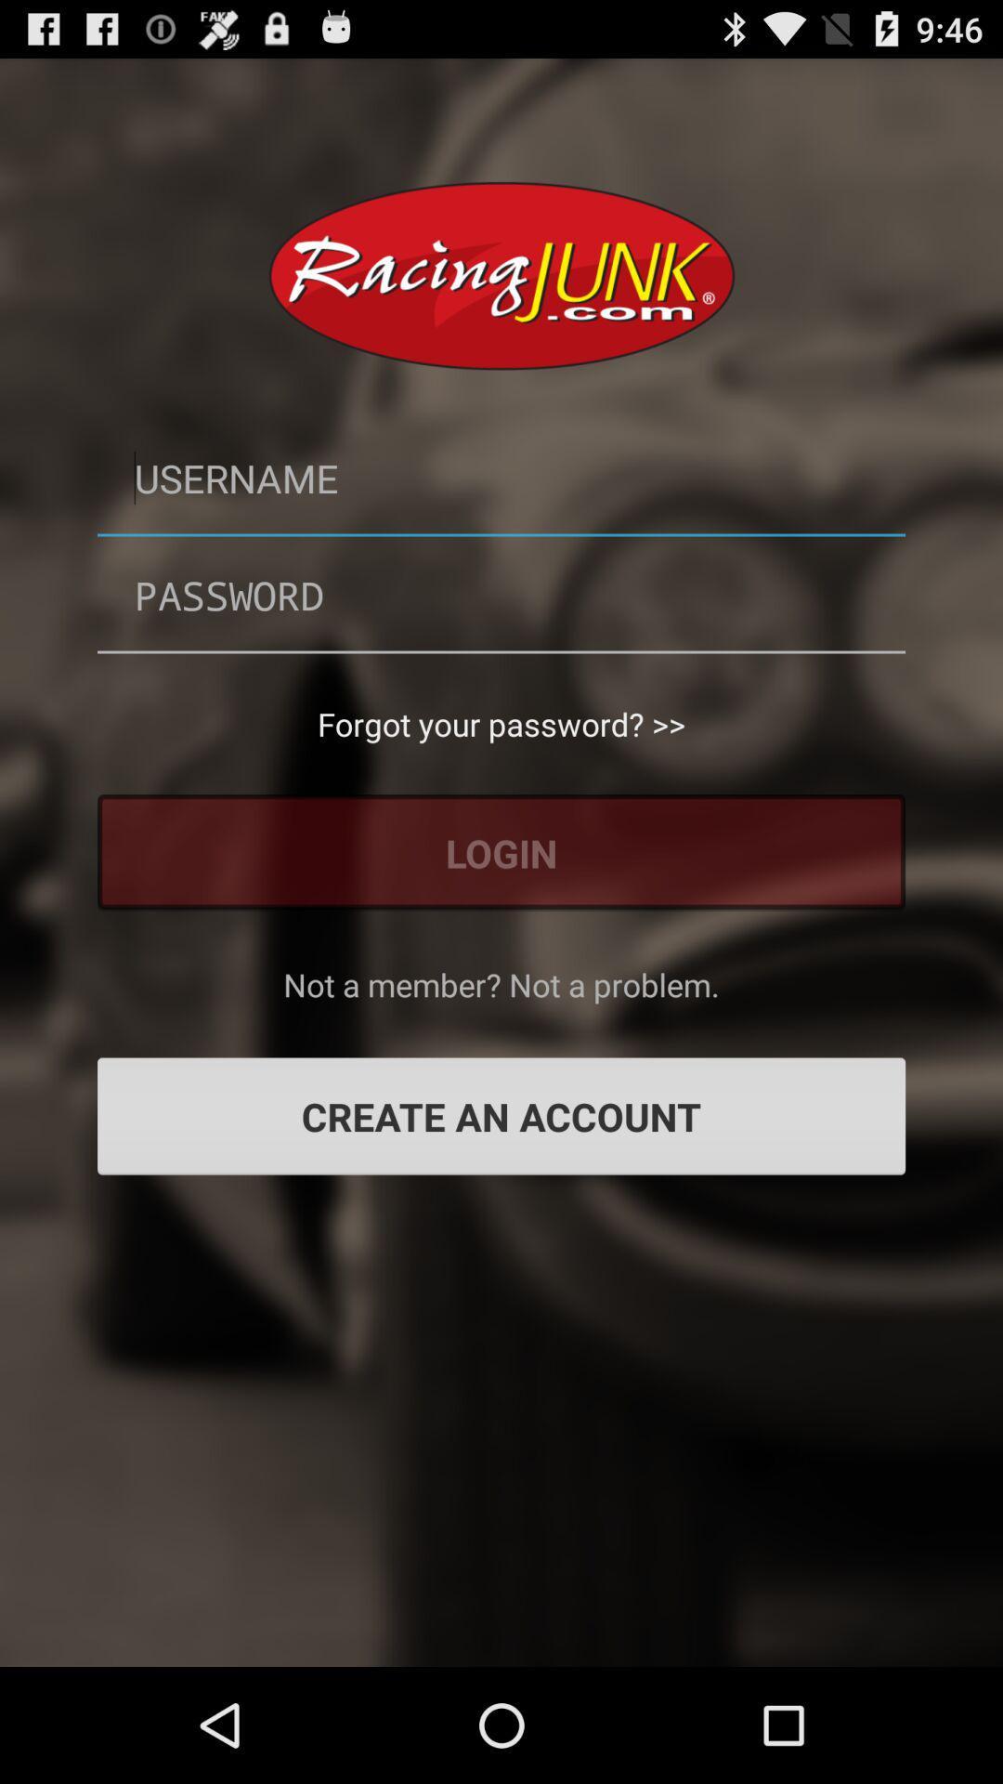  Describe the element at coordinates (501, 851) in the screenshot. I see `login icon` at that location.